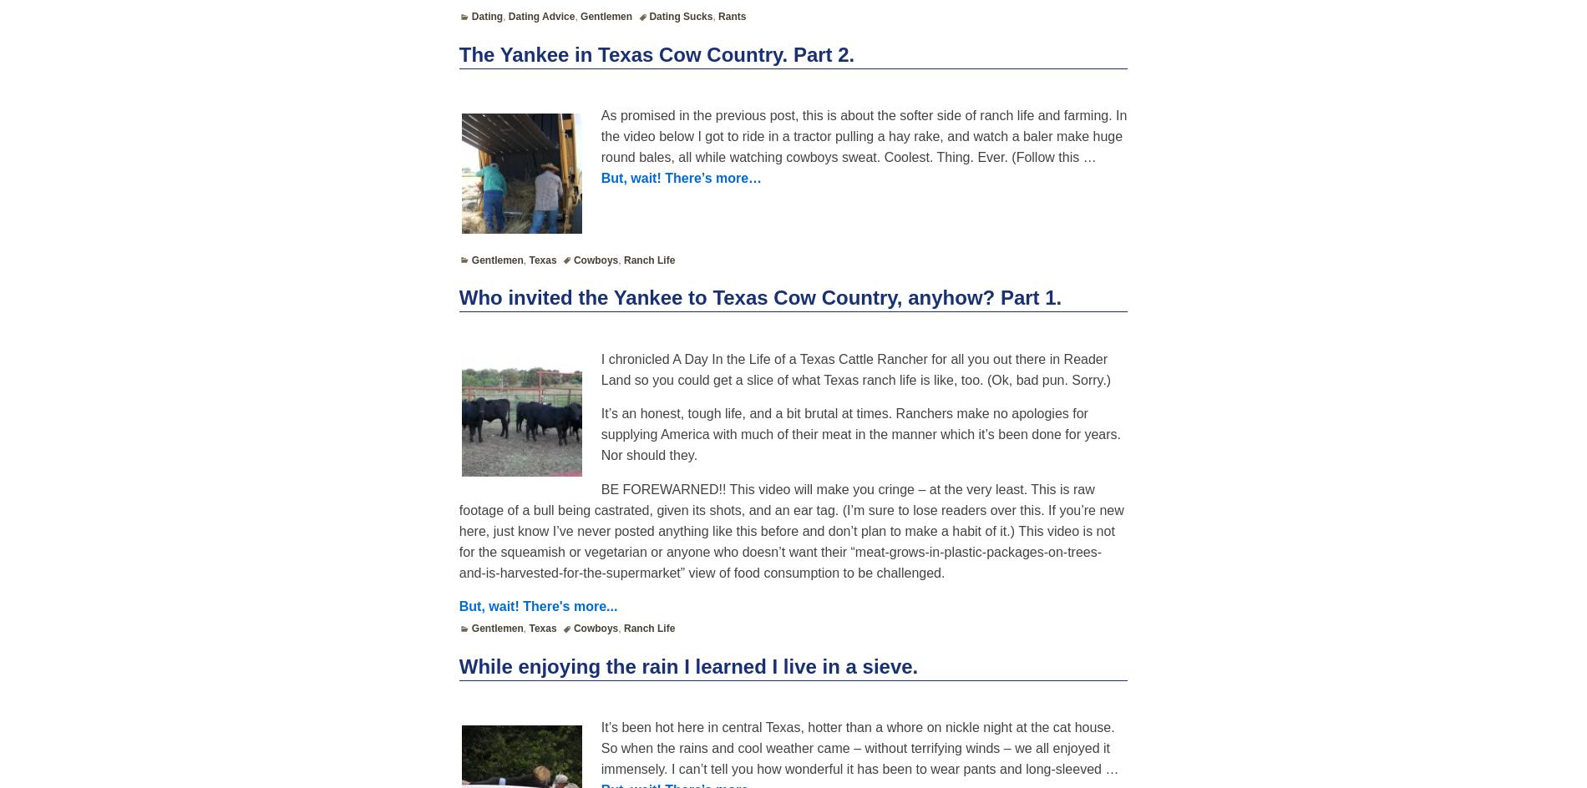 This screenshot has height=788, width=1587. I want to click on 'It’s been hot here in central Texas, hotter than a whore on nickle night at the cat house. So when the rains and cool weather came – without terrifying winds – we all enjoyed it immensely. I can’t tell you how wonderful it has been to wear pants and long-sleeved', so click(857, 747).